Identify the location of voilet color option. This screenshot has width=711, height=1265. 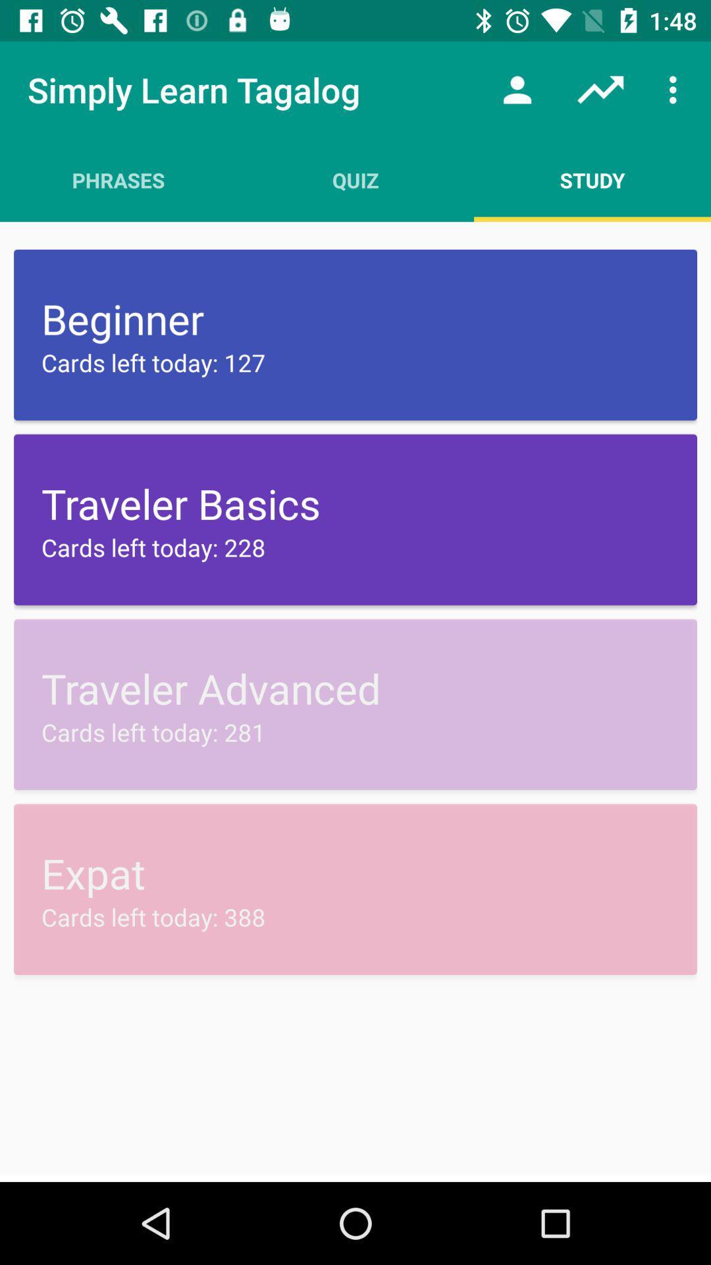
(355, 519).